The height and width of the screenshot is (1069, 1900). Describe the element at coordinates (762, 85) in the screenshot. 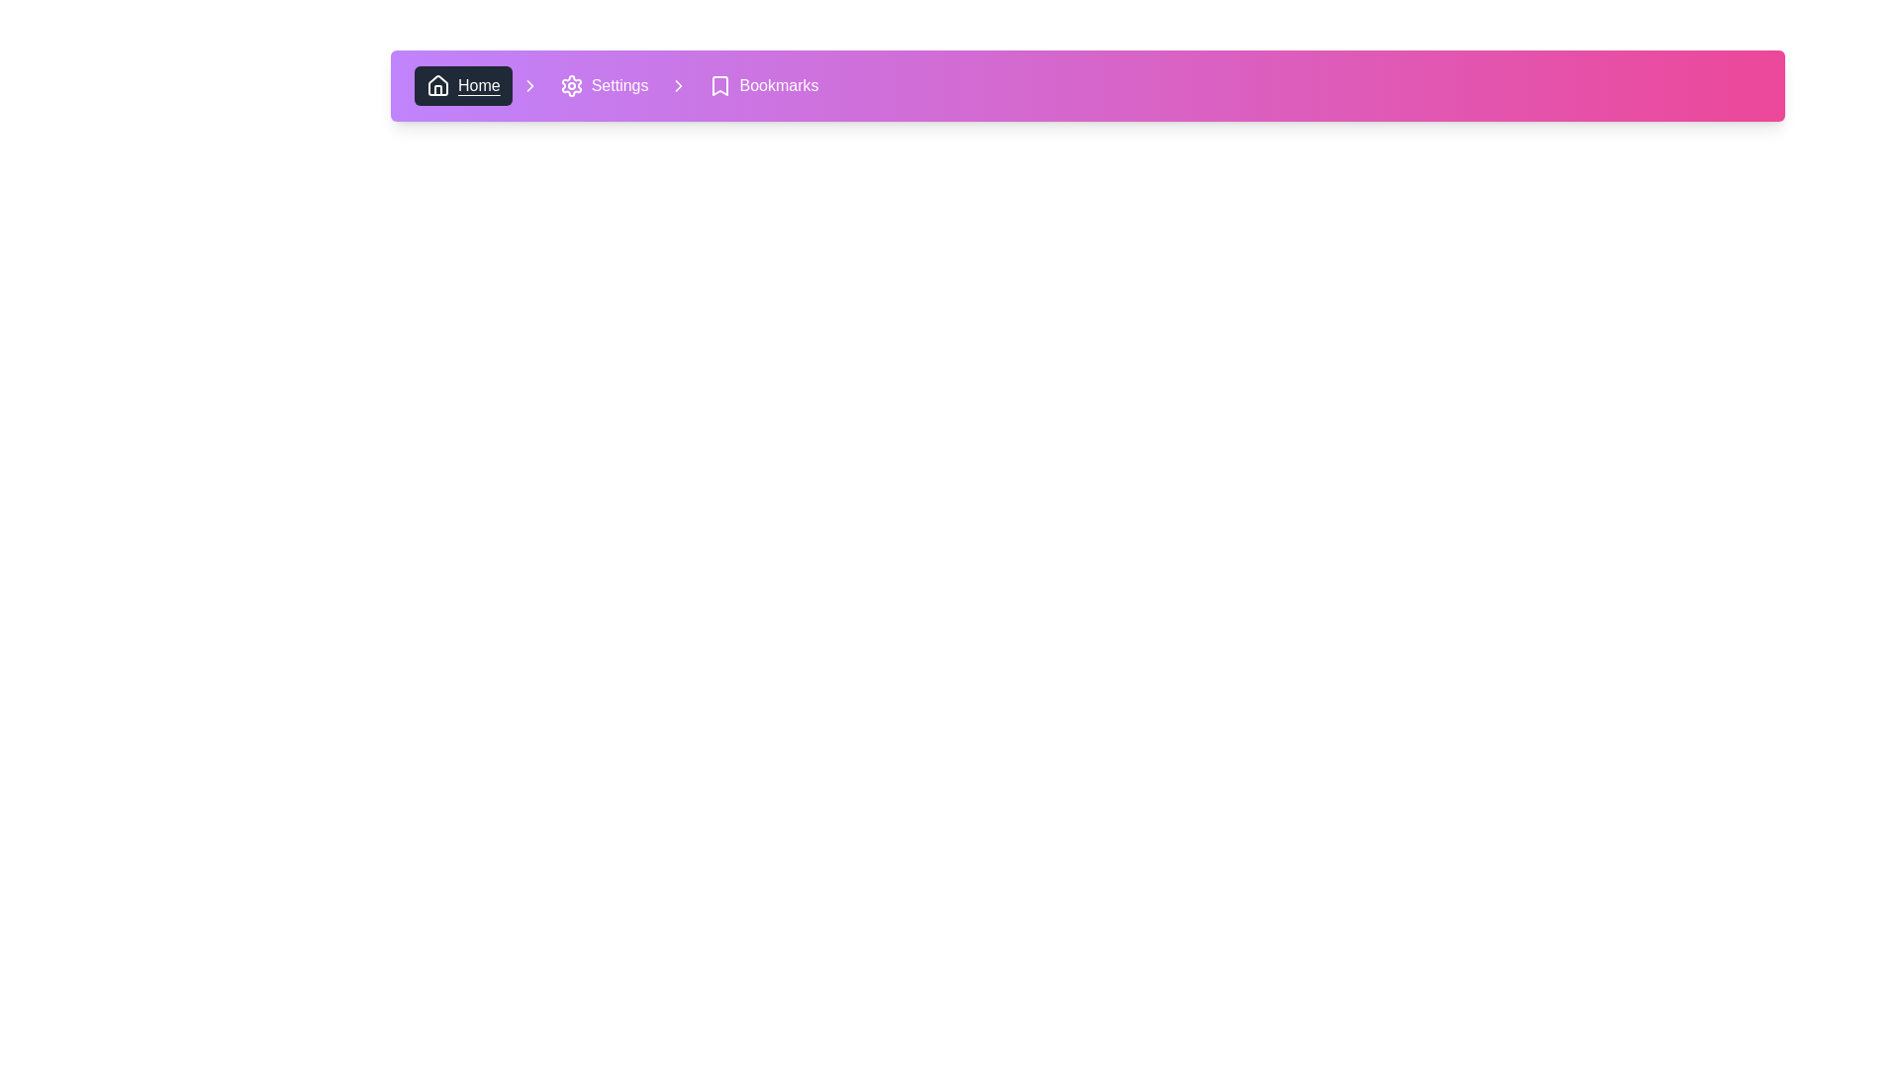

I see `the 'Bookmarks' button, which displays a bookmark icon and is the third option in the navigation bar` at that location.